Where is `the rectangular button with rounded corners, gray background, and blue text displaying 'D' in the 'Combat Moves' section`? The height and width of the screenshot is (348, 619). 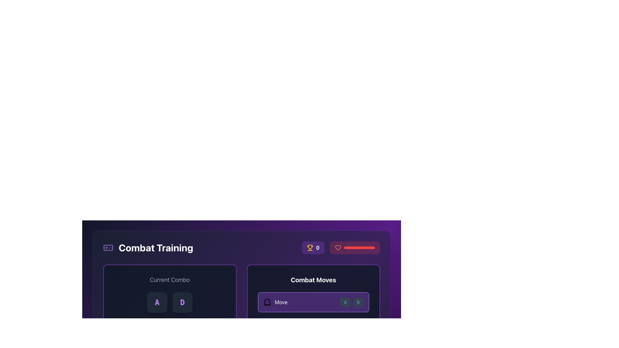
the rectangular button with rounded corners, gray background, and blue text displaying 'D' in the 'Combat Moves' section is located at coordinates (358, 302).